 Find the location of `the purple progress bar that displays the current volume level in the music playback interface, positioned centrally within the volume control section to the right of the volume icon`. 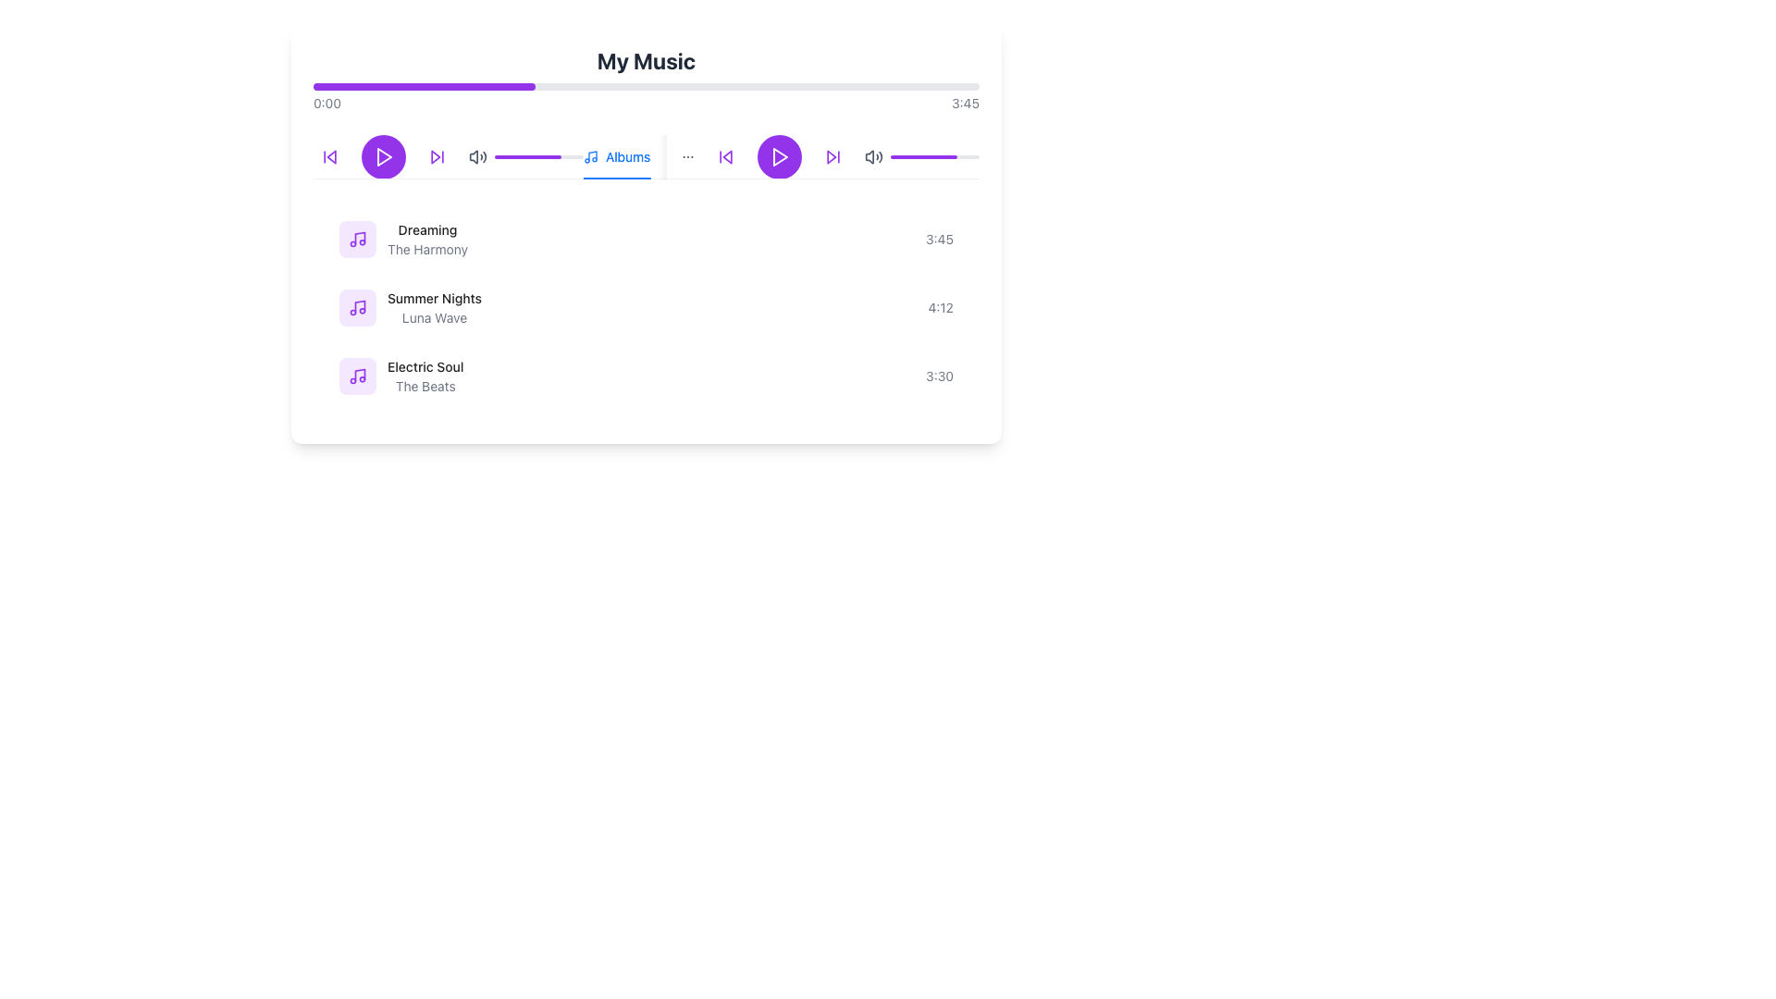

the purple progress bar that displays the current volume level in the music playback interface, positioned centrally within the volume control section to the right of the volume icon is located at coordinates (935, 155).